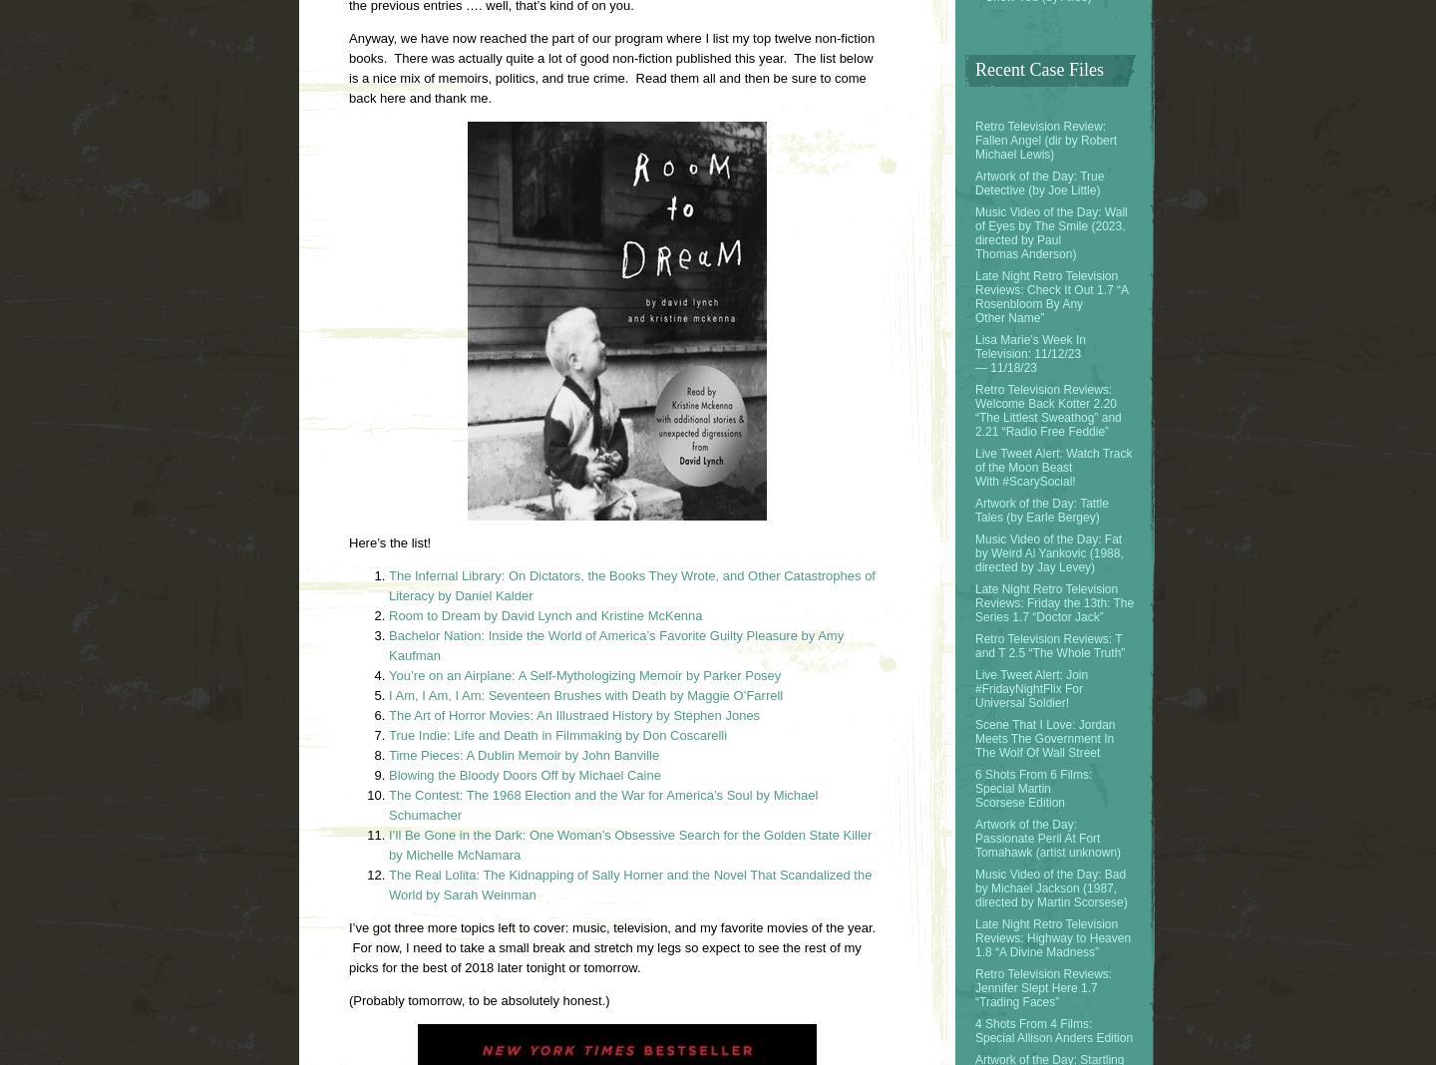  I want to click on 'Retro Television Reviews: Welcome Back Kotter 2.20 “The Littlest Sweathog” and 2.21 “Radio Free Feddie”', so click(1048, 409).